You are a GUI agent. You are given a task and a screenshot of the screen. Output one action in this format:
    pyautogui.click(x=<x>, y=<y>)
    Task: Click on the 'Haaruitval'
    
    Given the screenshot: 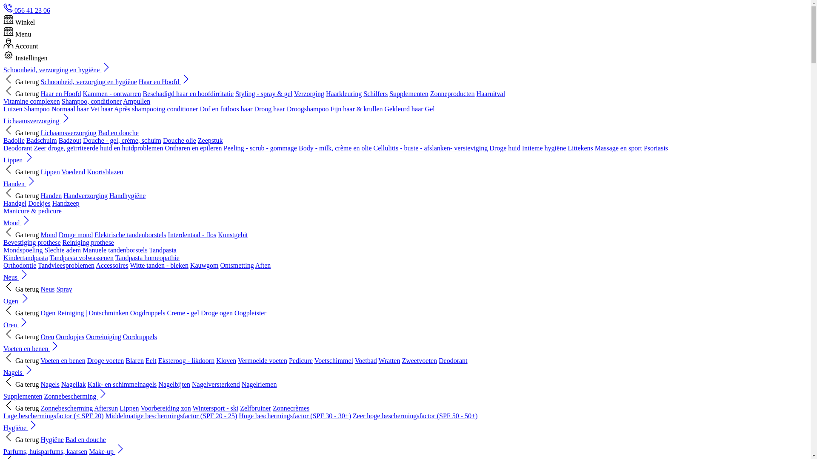 What is the action you would take?
    pyautogui.click(x=476, y=93)
    